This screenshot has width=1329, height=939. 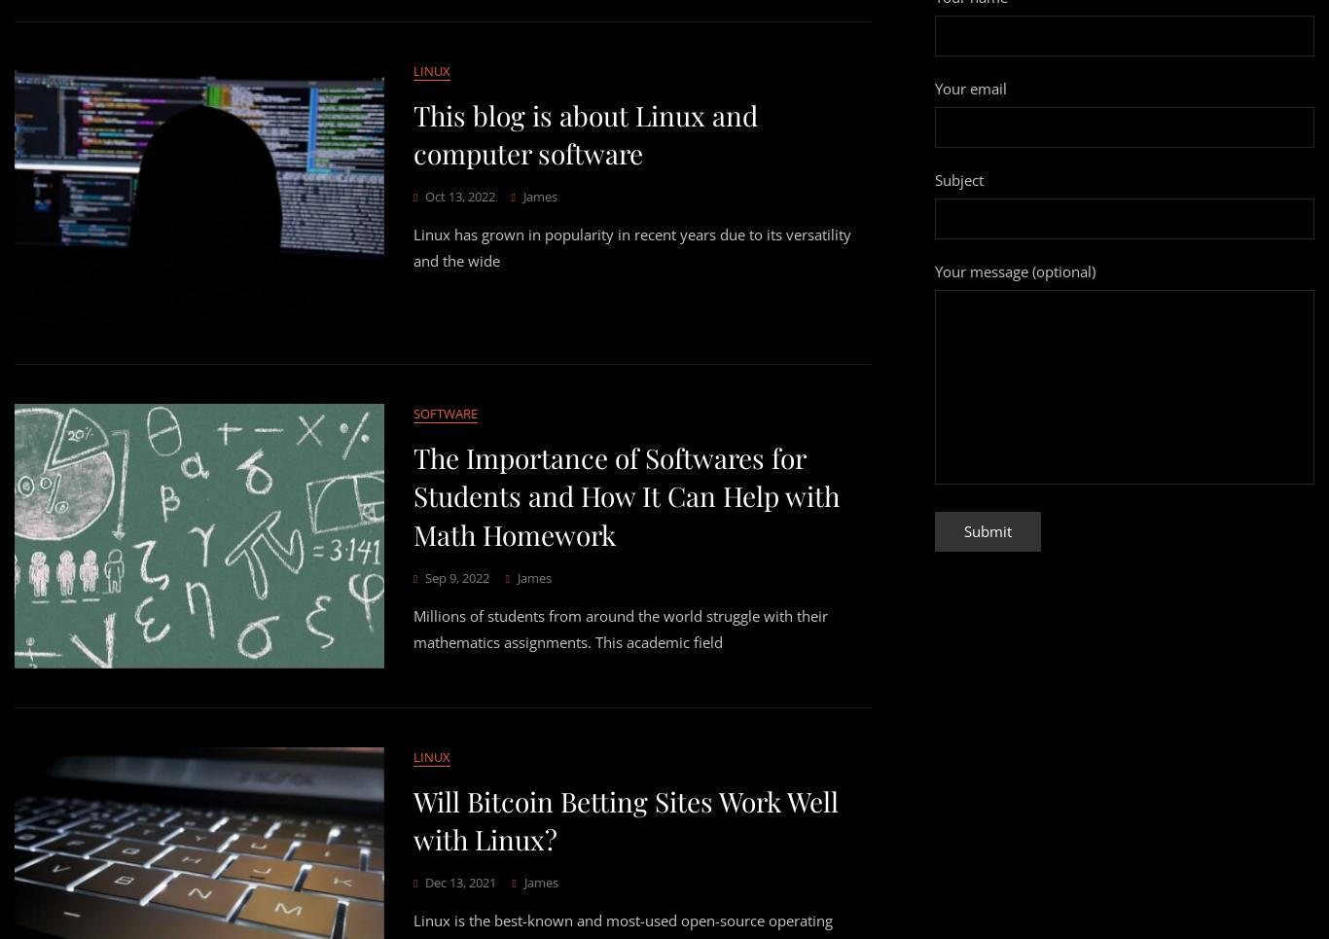 I want to click on 'Your email', so click(x=970, y=87).